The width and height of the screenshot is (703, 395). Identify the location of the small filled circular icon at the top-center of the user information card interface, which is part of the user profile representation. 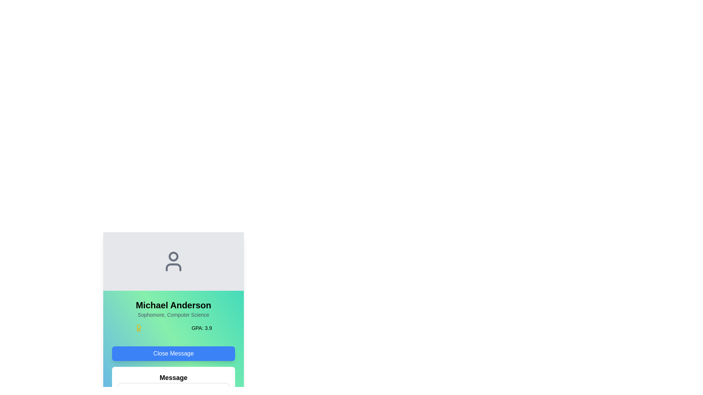
(173, 256).